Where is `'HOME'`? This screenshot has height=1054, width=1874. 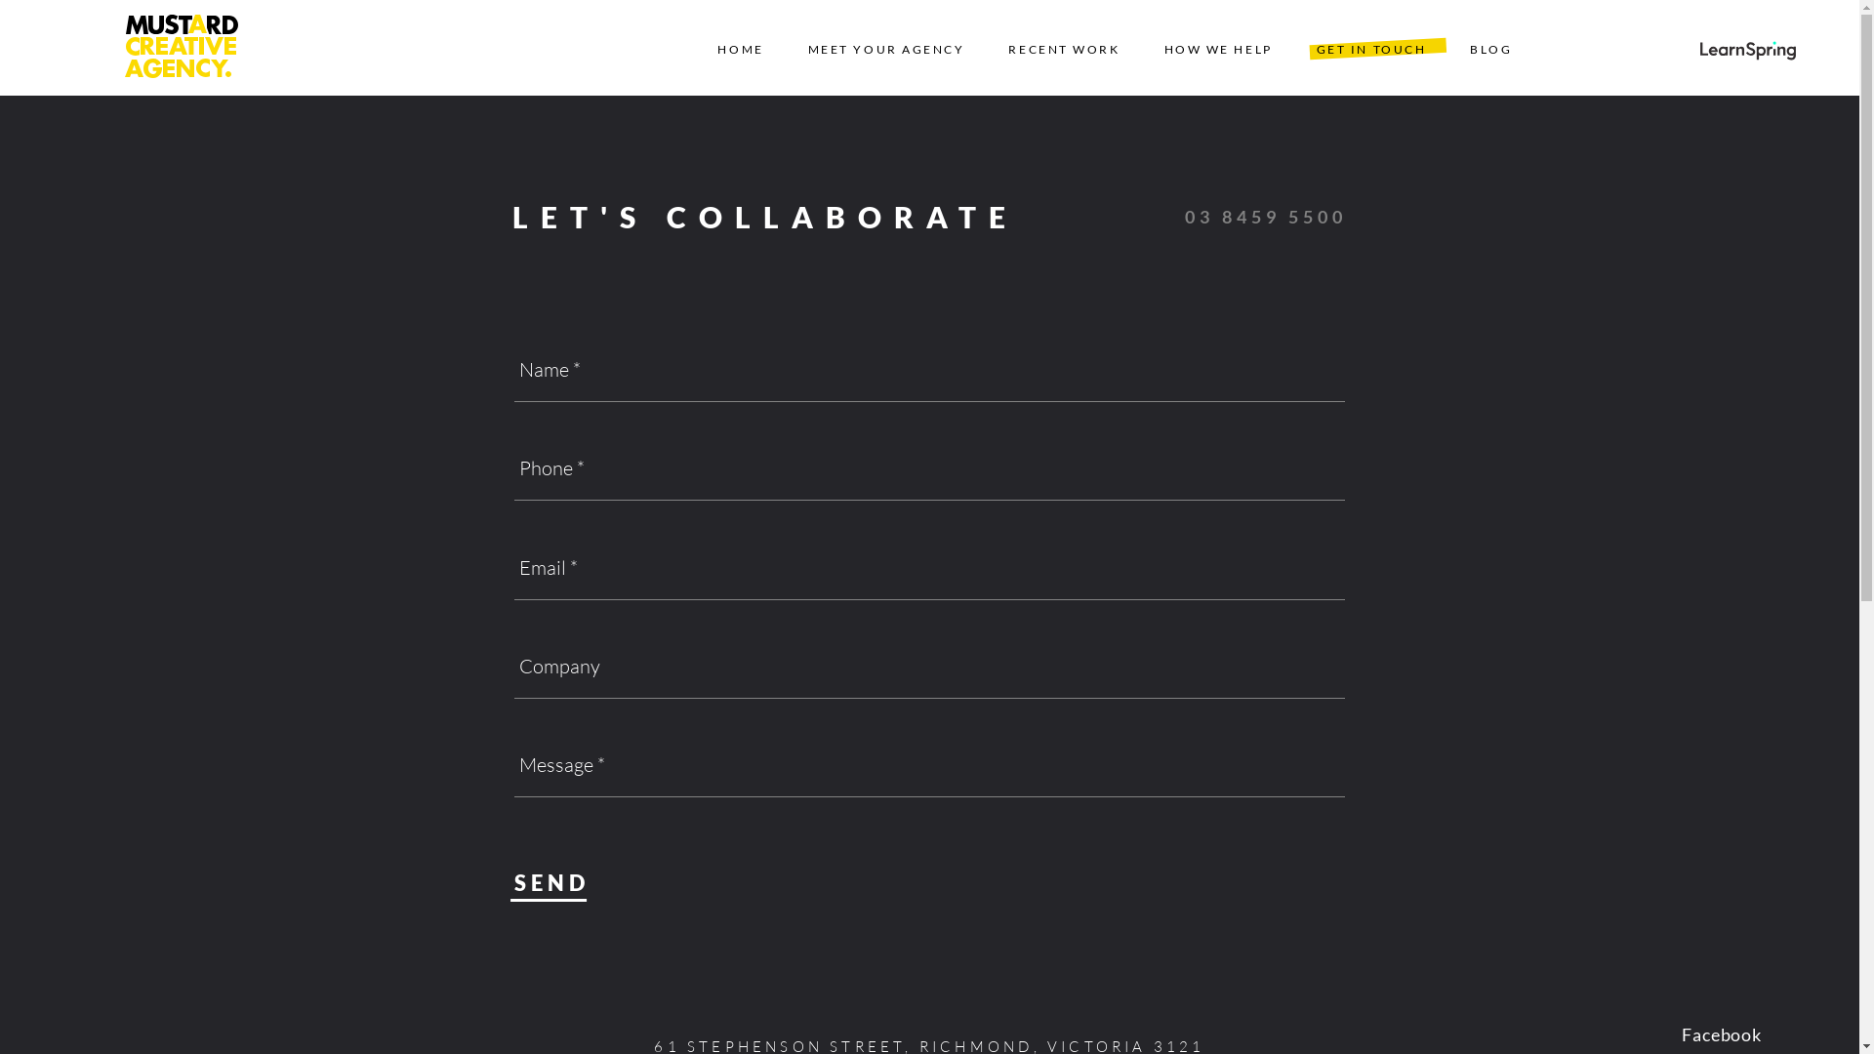
'HOME' is located at coordinates (739, 48).